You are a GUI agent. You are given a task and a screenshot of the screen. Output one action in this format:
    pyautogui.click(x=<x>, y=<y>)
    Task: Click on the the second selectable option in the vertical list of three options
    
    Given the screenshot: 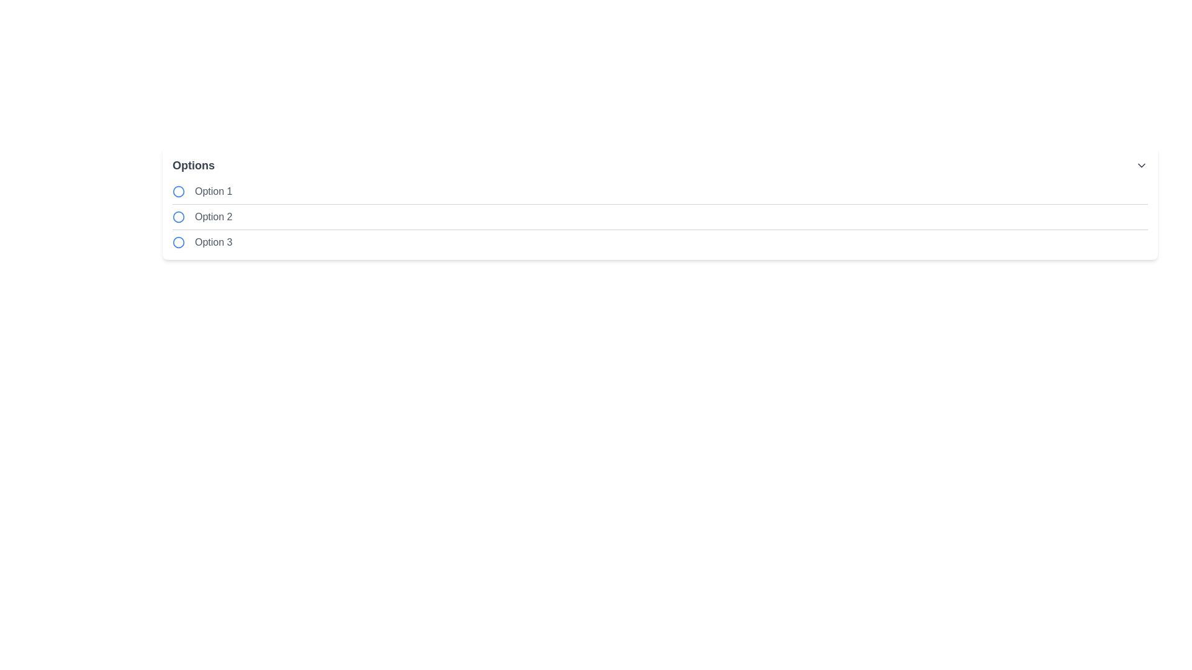 What is the action you would take?
    pyautogui.click(x=659, y=217)
    